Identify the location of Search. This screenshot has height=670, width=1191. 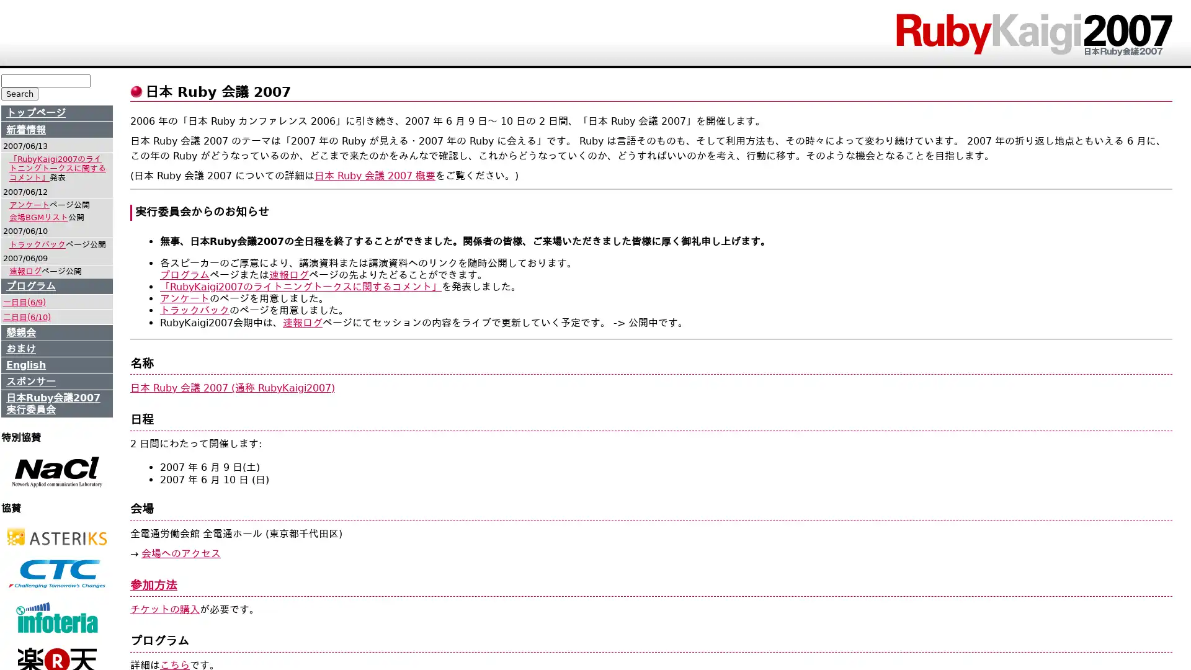
(20, 93).